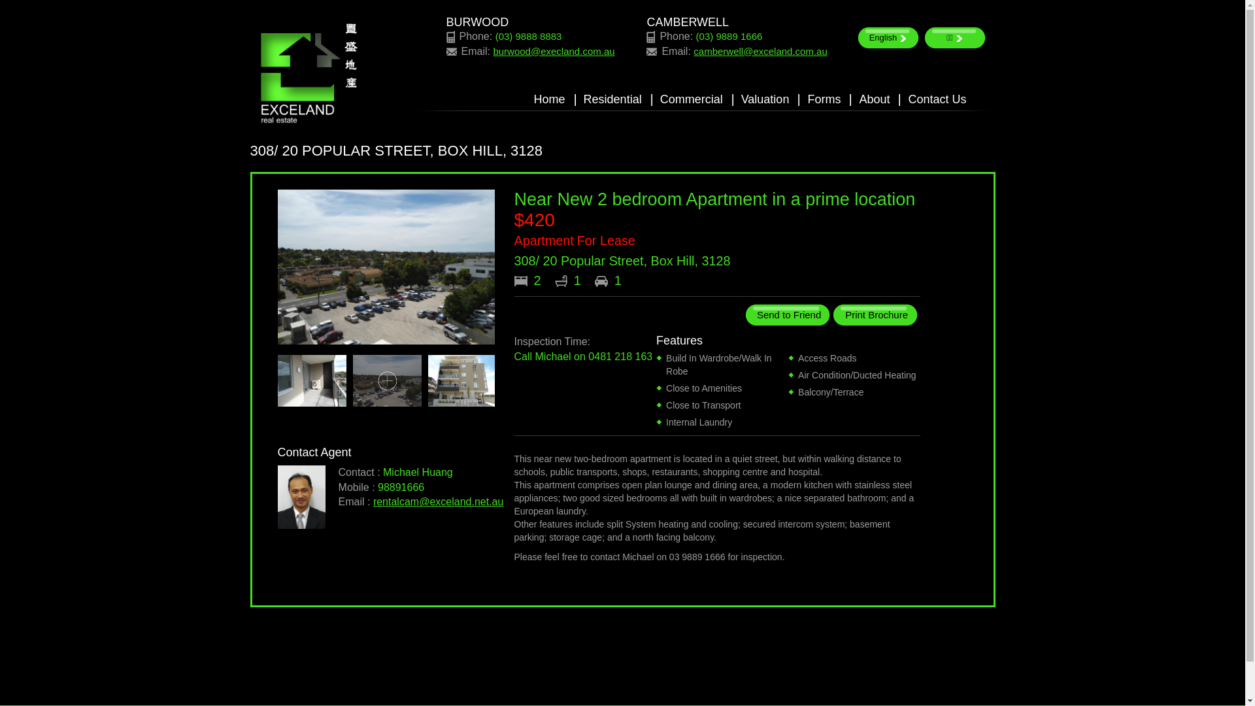  What do you see at coordinates (823, 99) in the screenshot?
I see `'Forms'` at bounding box center [823, 99].